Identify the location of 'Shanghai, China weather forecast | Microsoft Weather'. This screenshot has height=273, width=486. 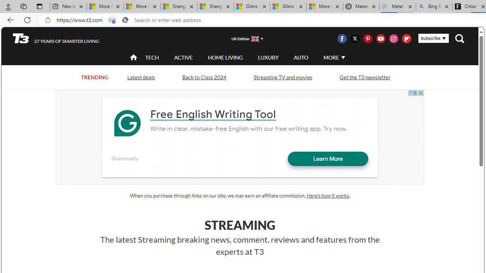
(215, 6).